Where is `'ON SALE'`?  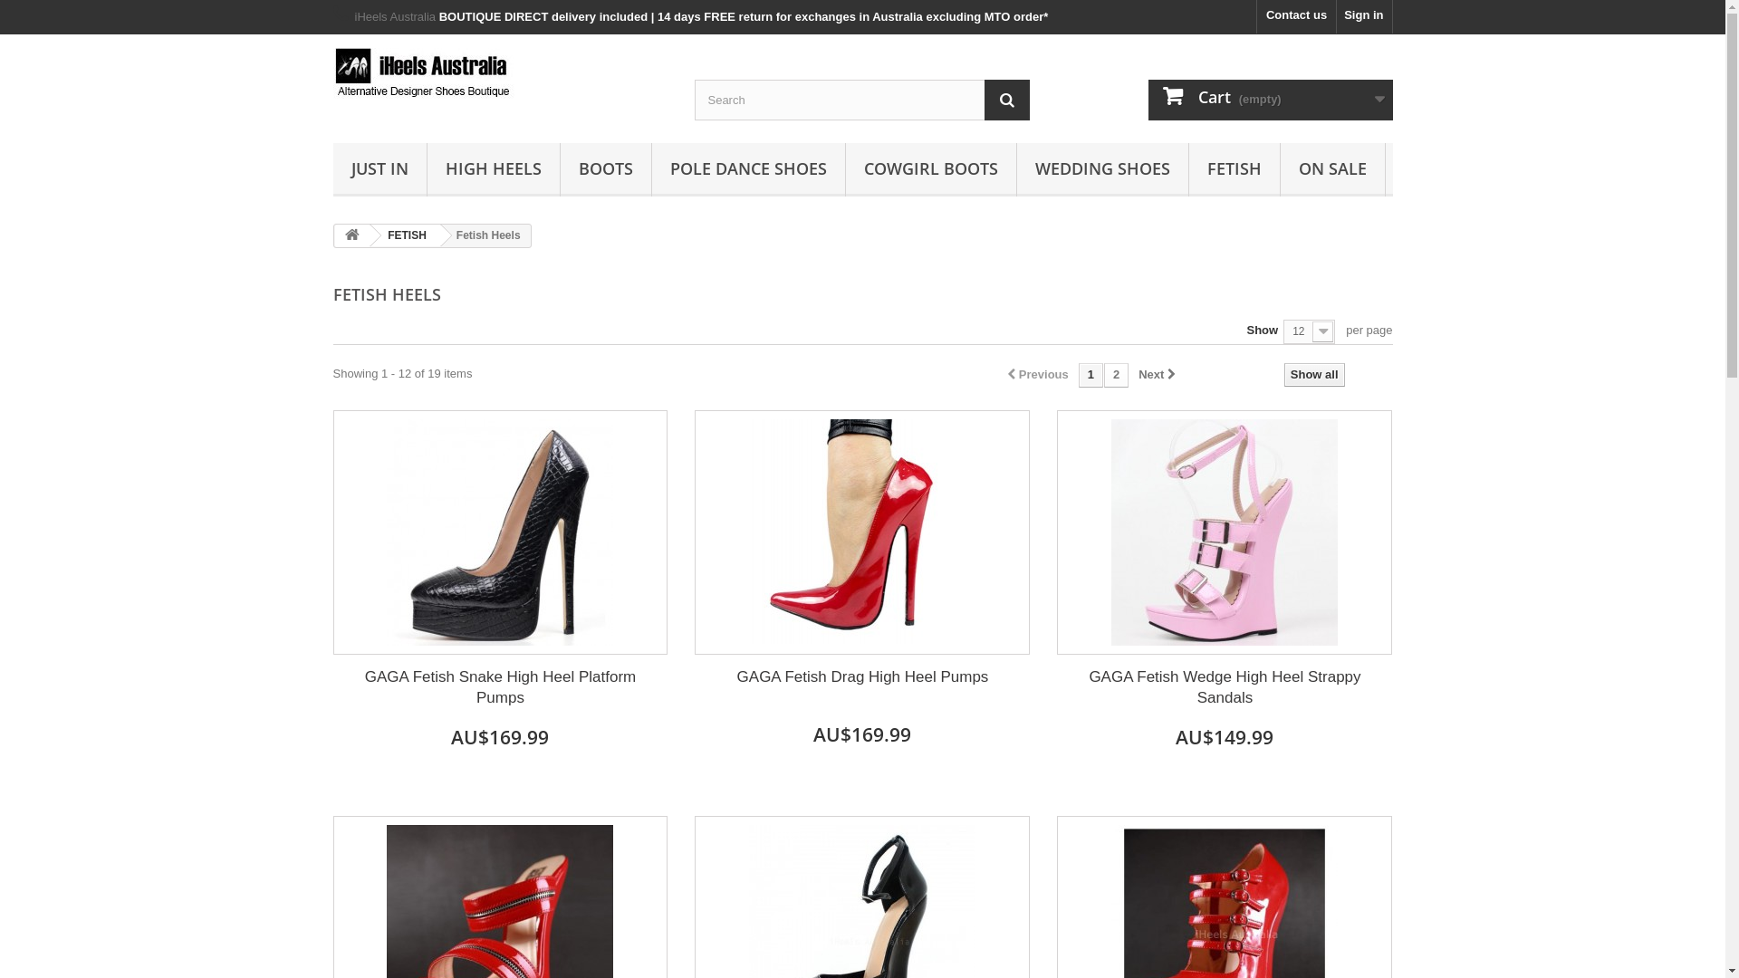
'ON SALE' is located at coordinates (1280, 169).